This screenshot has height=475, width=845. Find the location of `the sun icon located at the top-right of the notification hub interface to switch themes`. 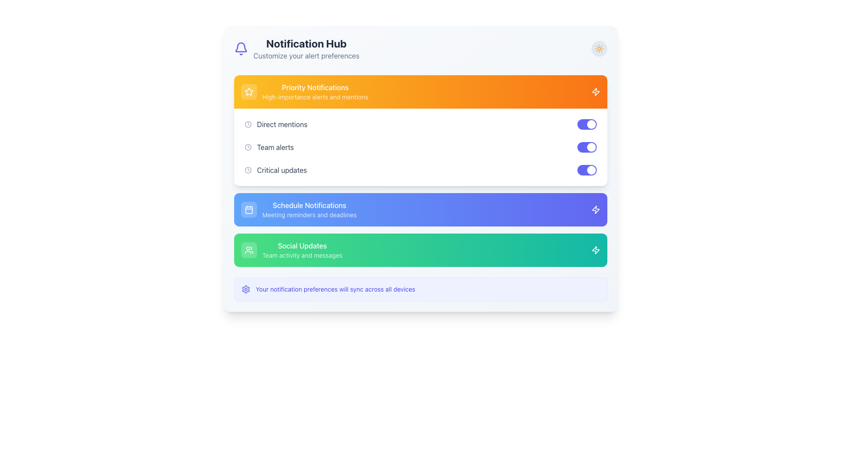

the sun icon located at the top-right of the notification hub interface to switch themes is located at coordinates (599, 49).